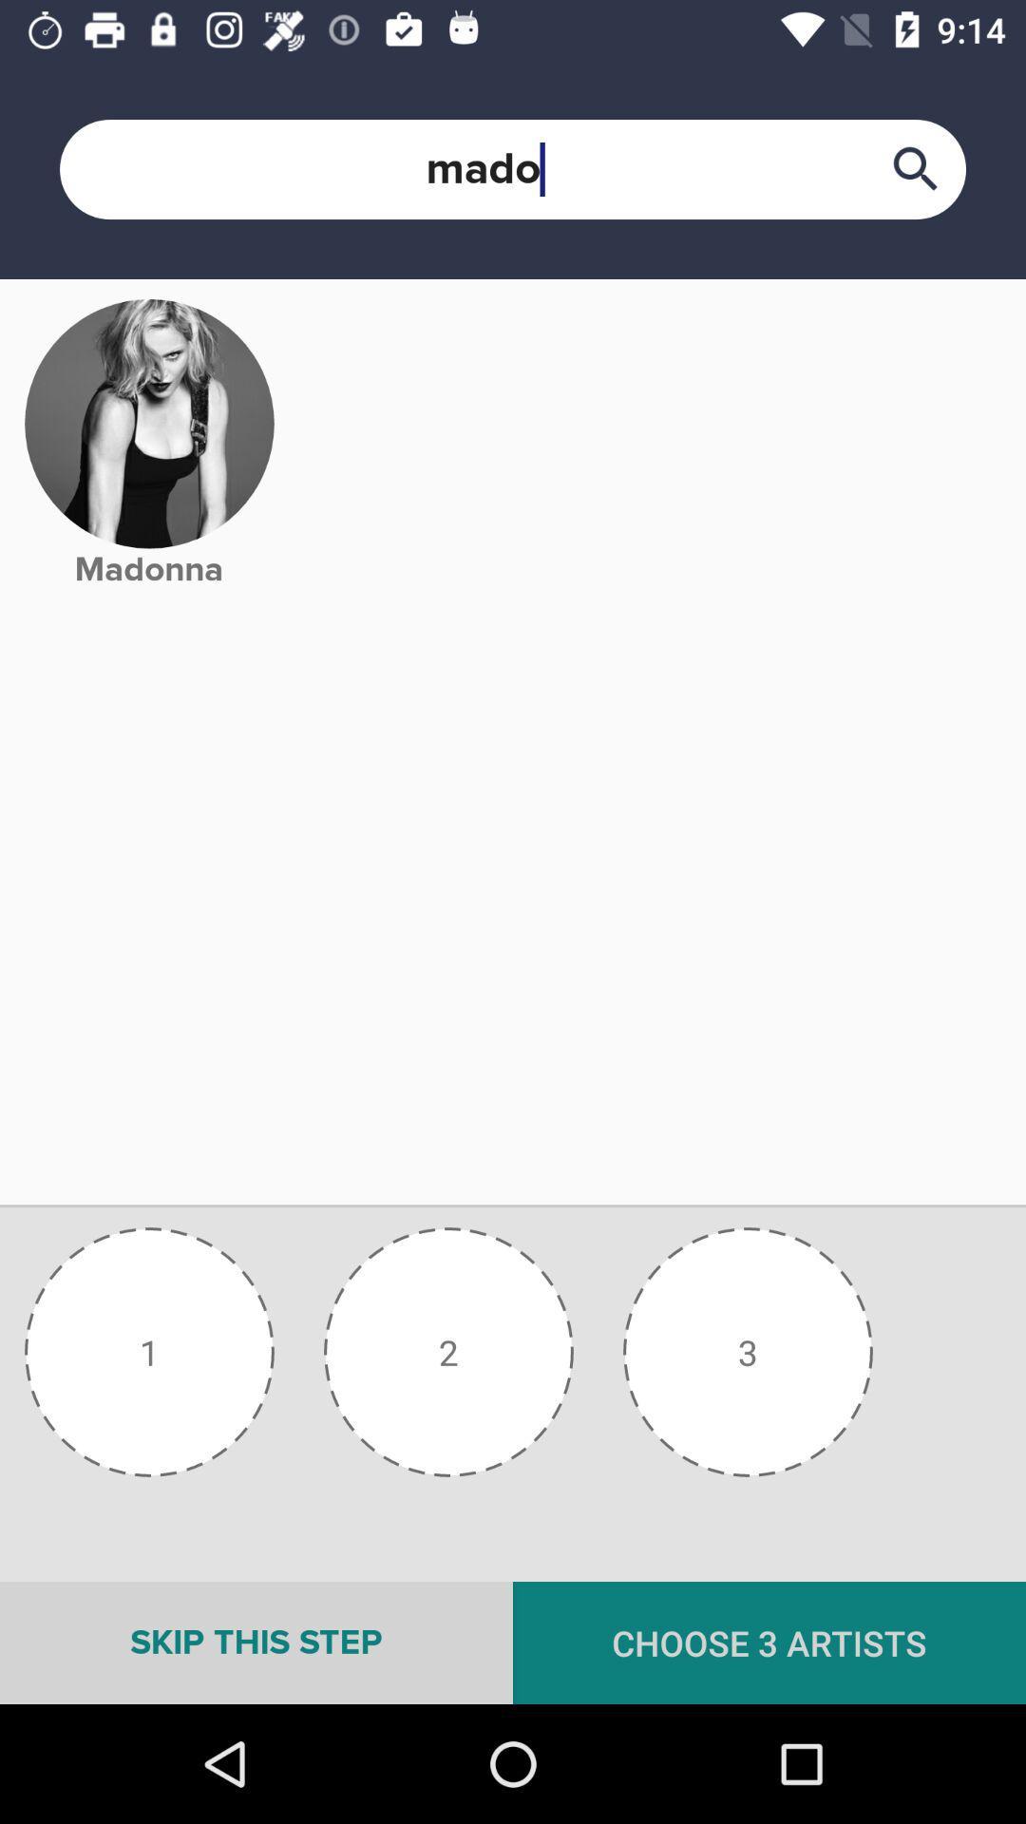  I want to click on skip this step, so click(256, 1642).